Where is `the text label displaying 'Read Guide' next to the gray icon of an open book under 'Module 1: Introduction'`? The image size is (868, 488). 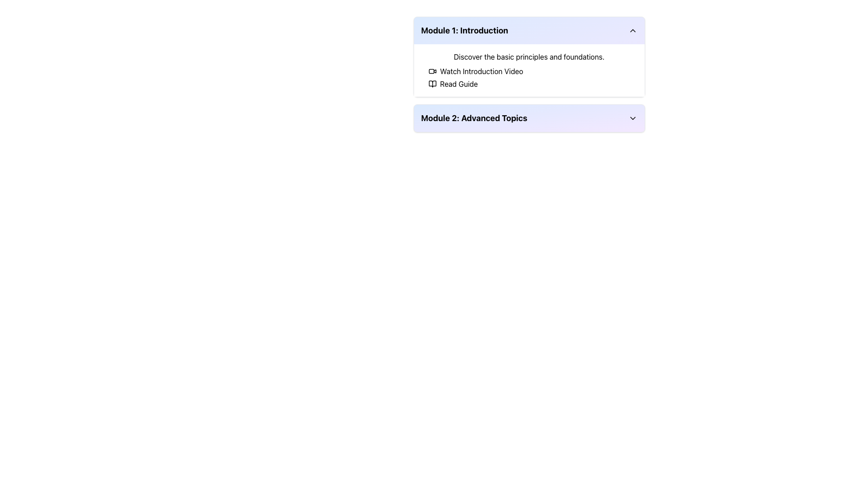 the text label displaying 'Read Guide' next to the gray icon of an open book under 'Module 1: Introduction' is located at coordinates (459, 84).